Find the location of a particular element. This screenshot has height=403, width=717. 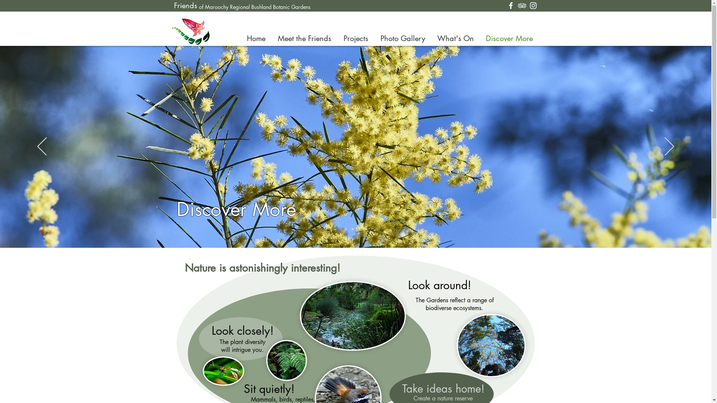

'Meet the Friends' is located at coordinates (271, 38).